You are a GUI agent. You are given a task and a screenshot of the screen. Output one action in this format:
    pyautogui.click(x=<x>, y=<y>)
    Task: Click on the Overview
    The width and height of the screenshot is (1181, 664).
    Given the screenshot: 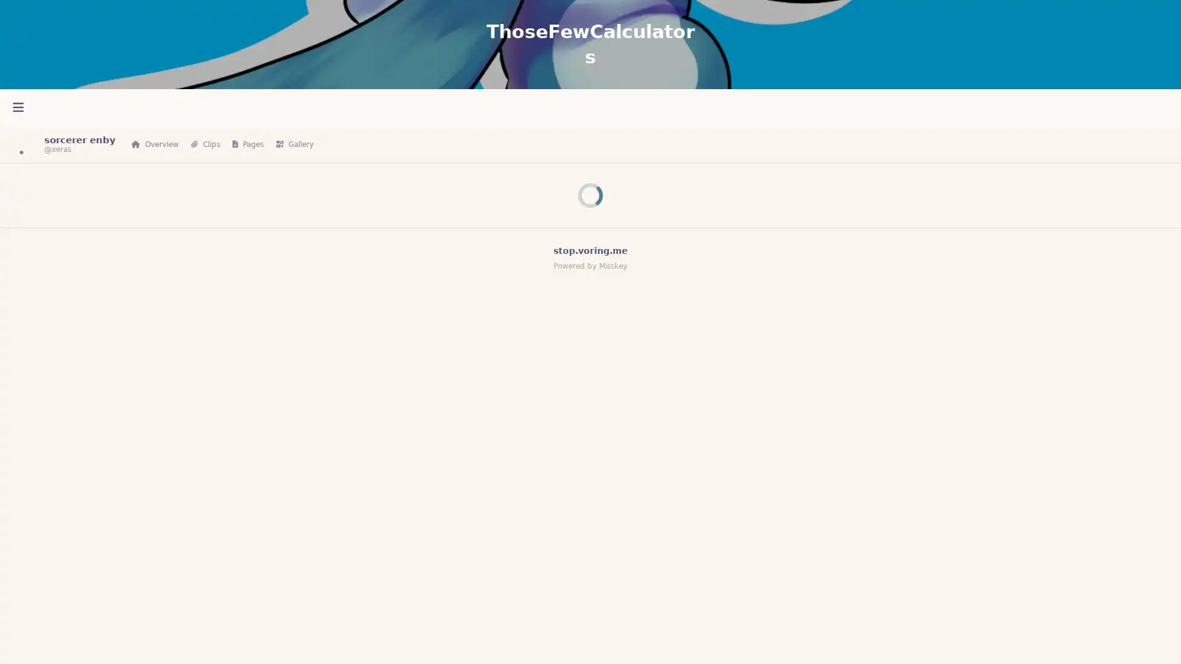 What is the action you would take?
    pyautogui.click(x=154, y=144)
    